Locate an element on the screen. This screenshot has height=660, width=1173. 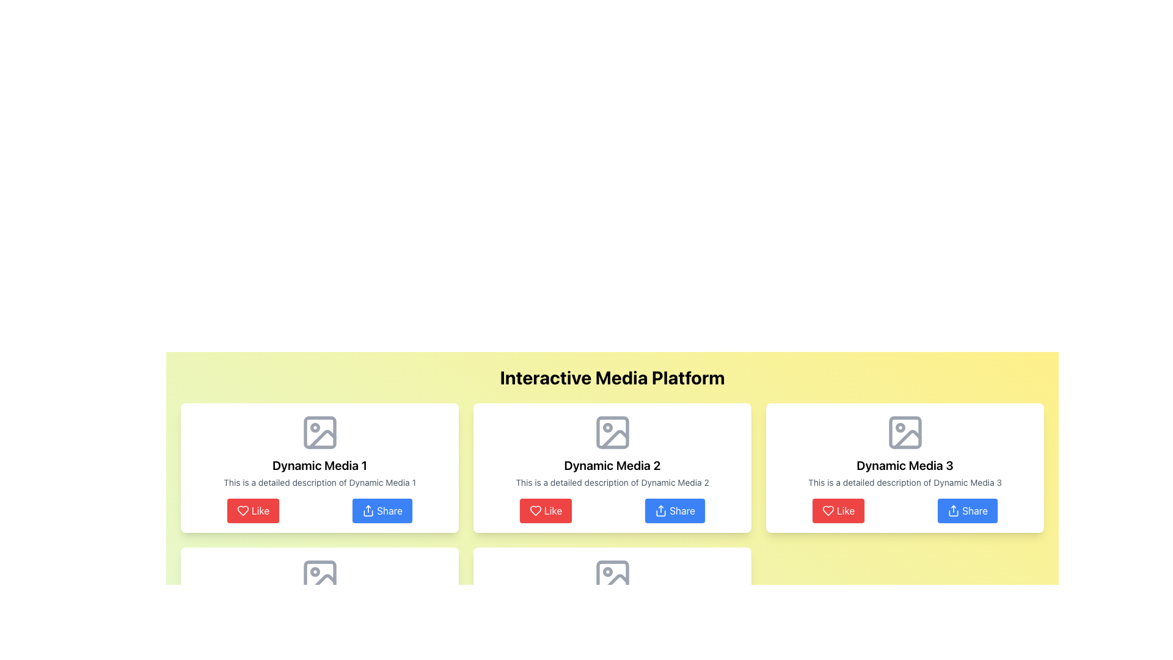
the share button located in the bottom-right corner of the 'Dynamic Media 2' card is located at coordinates (674, 511).